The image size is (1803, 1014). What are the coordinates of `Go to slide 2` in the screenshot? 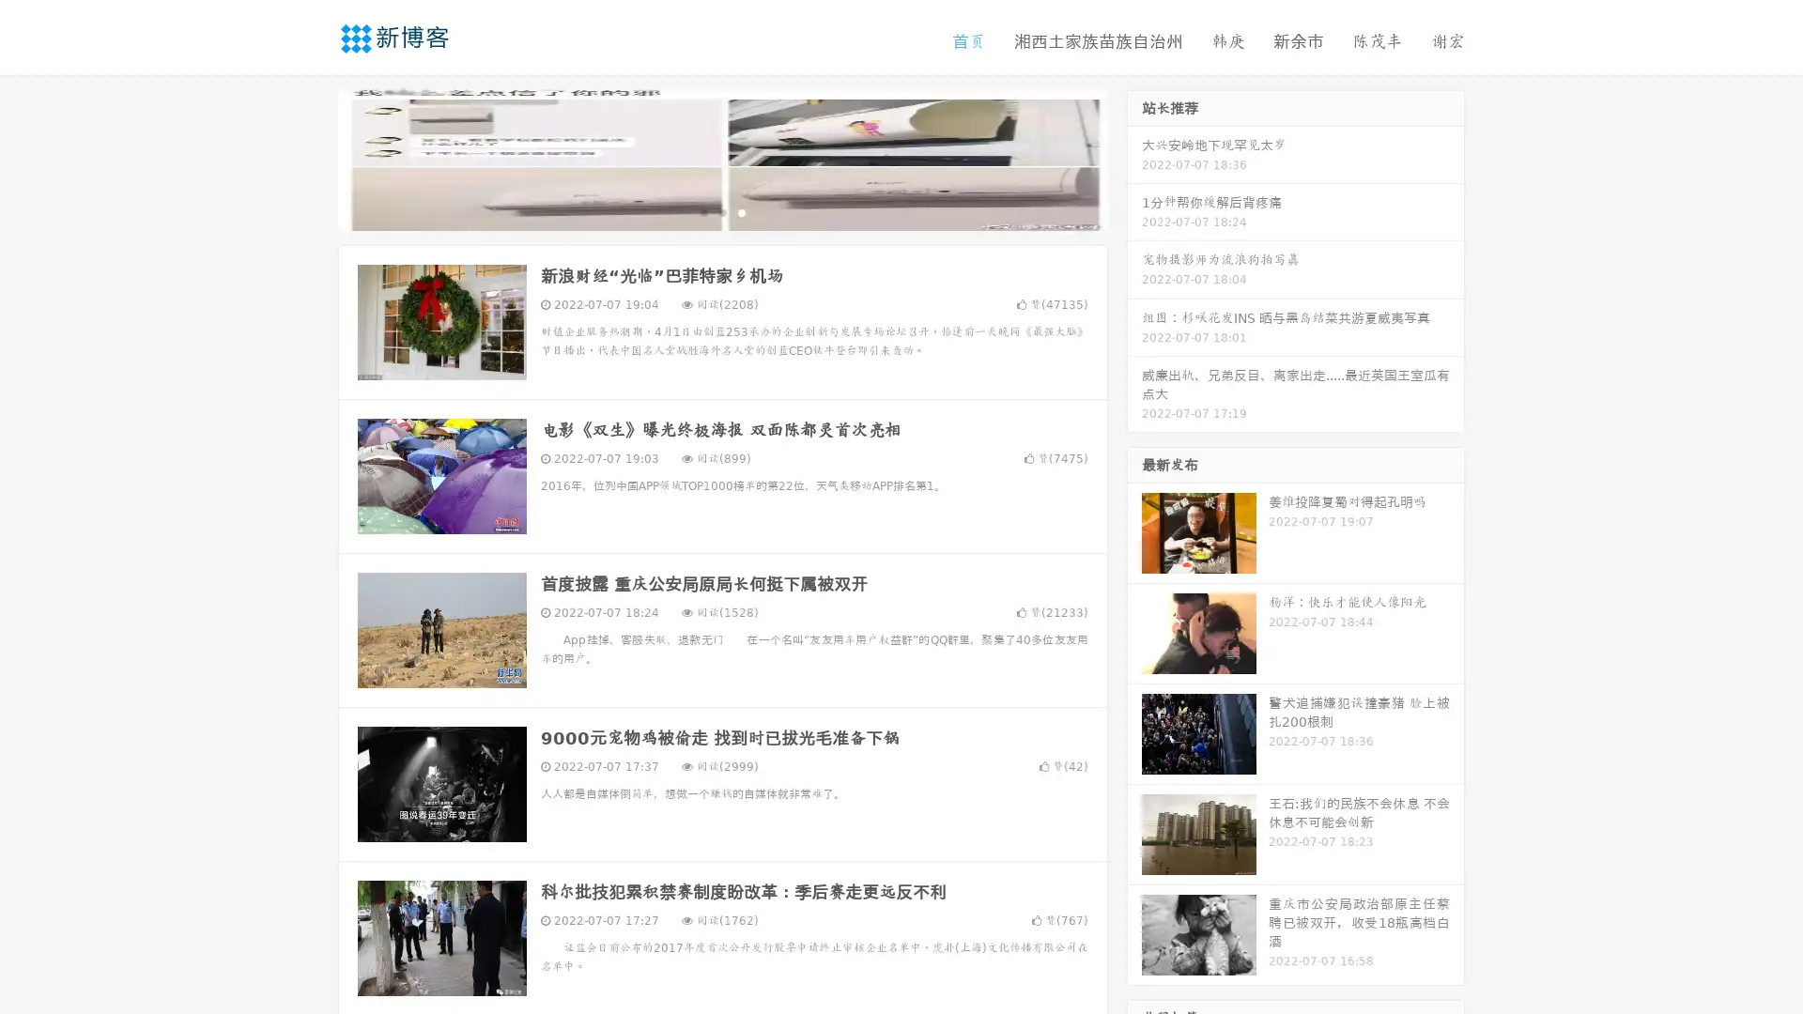 It's located at (721, 211).